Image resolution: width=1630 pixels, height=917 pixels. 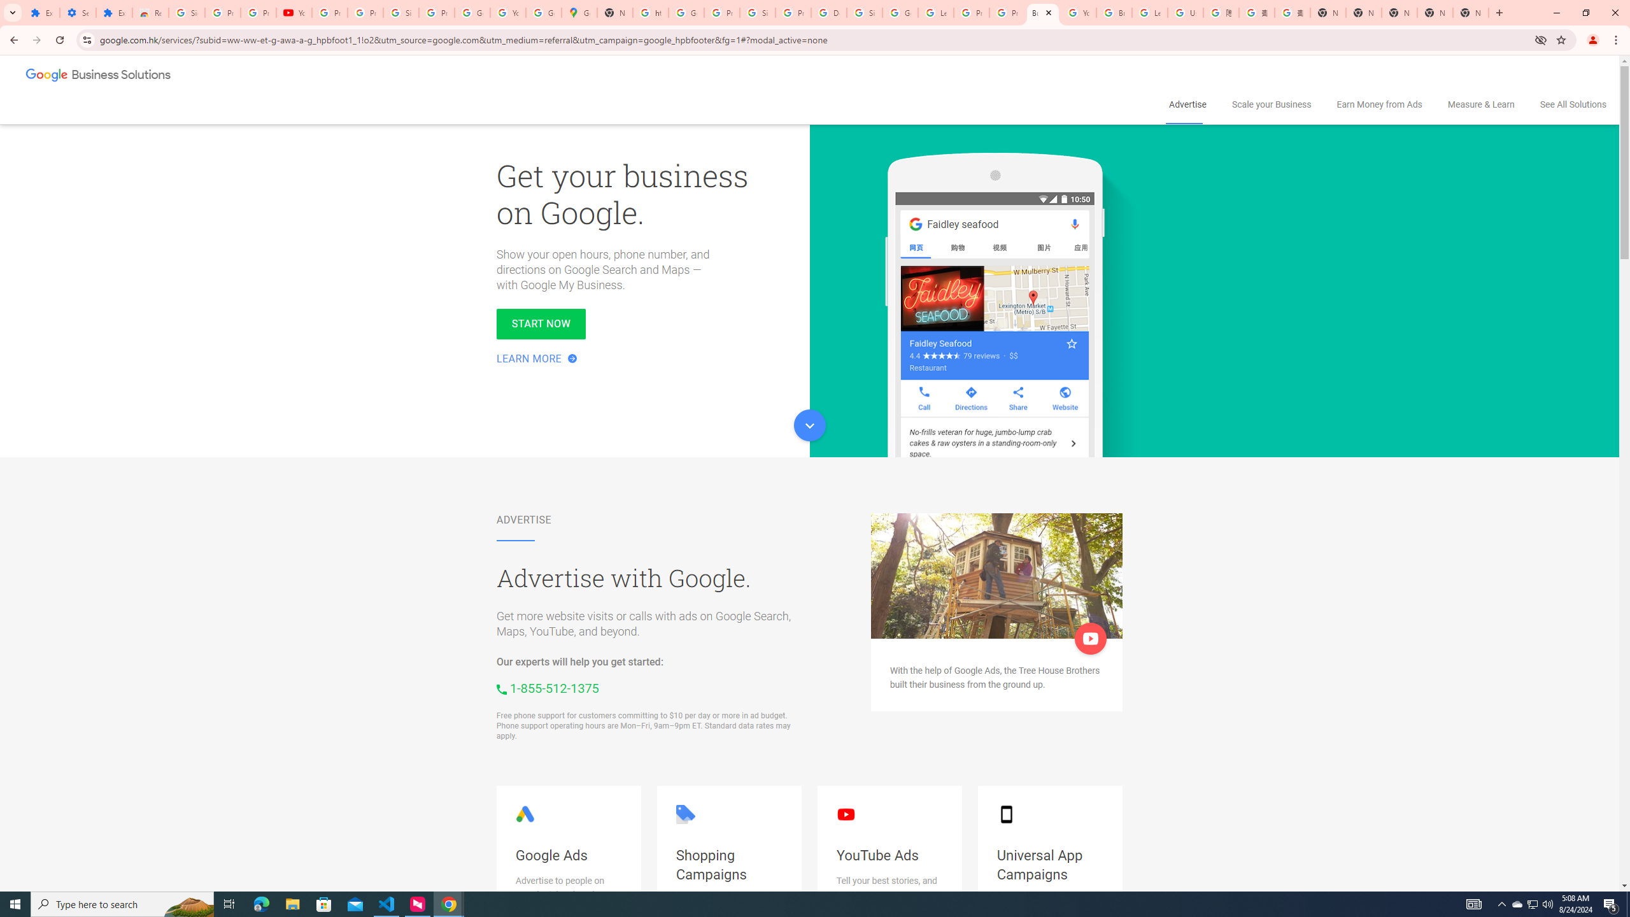 I want to click on 'Google Maps', so click(x=579, y=12).